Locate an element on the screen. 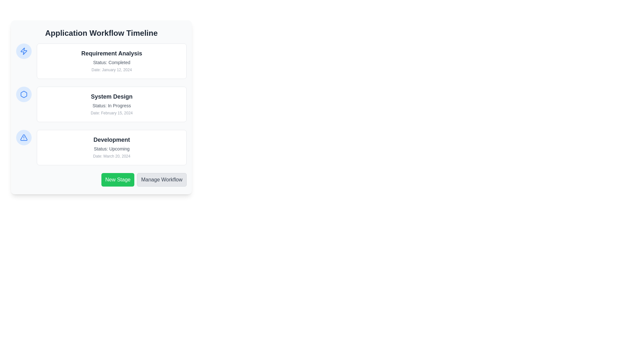  displayed date information from the text label showing 'Date: March 20, 2024' in the third card section titled 'Development' is located at coordinates (111, 156).